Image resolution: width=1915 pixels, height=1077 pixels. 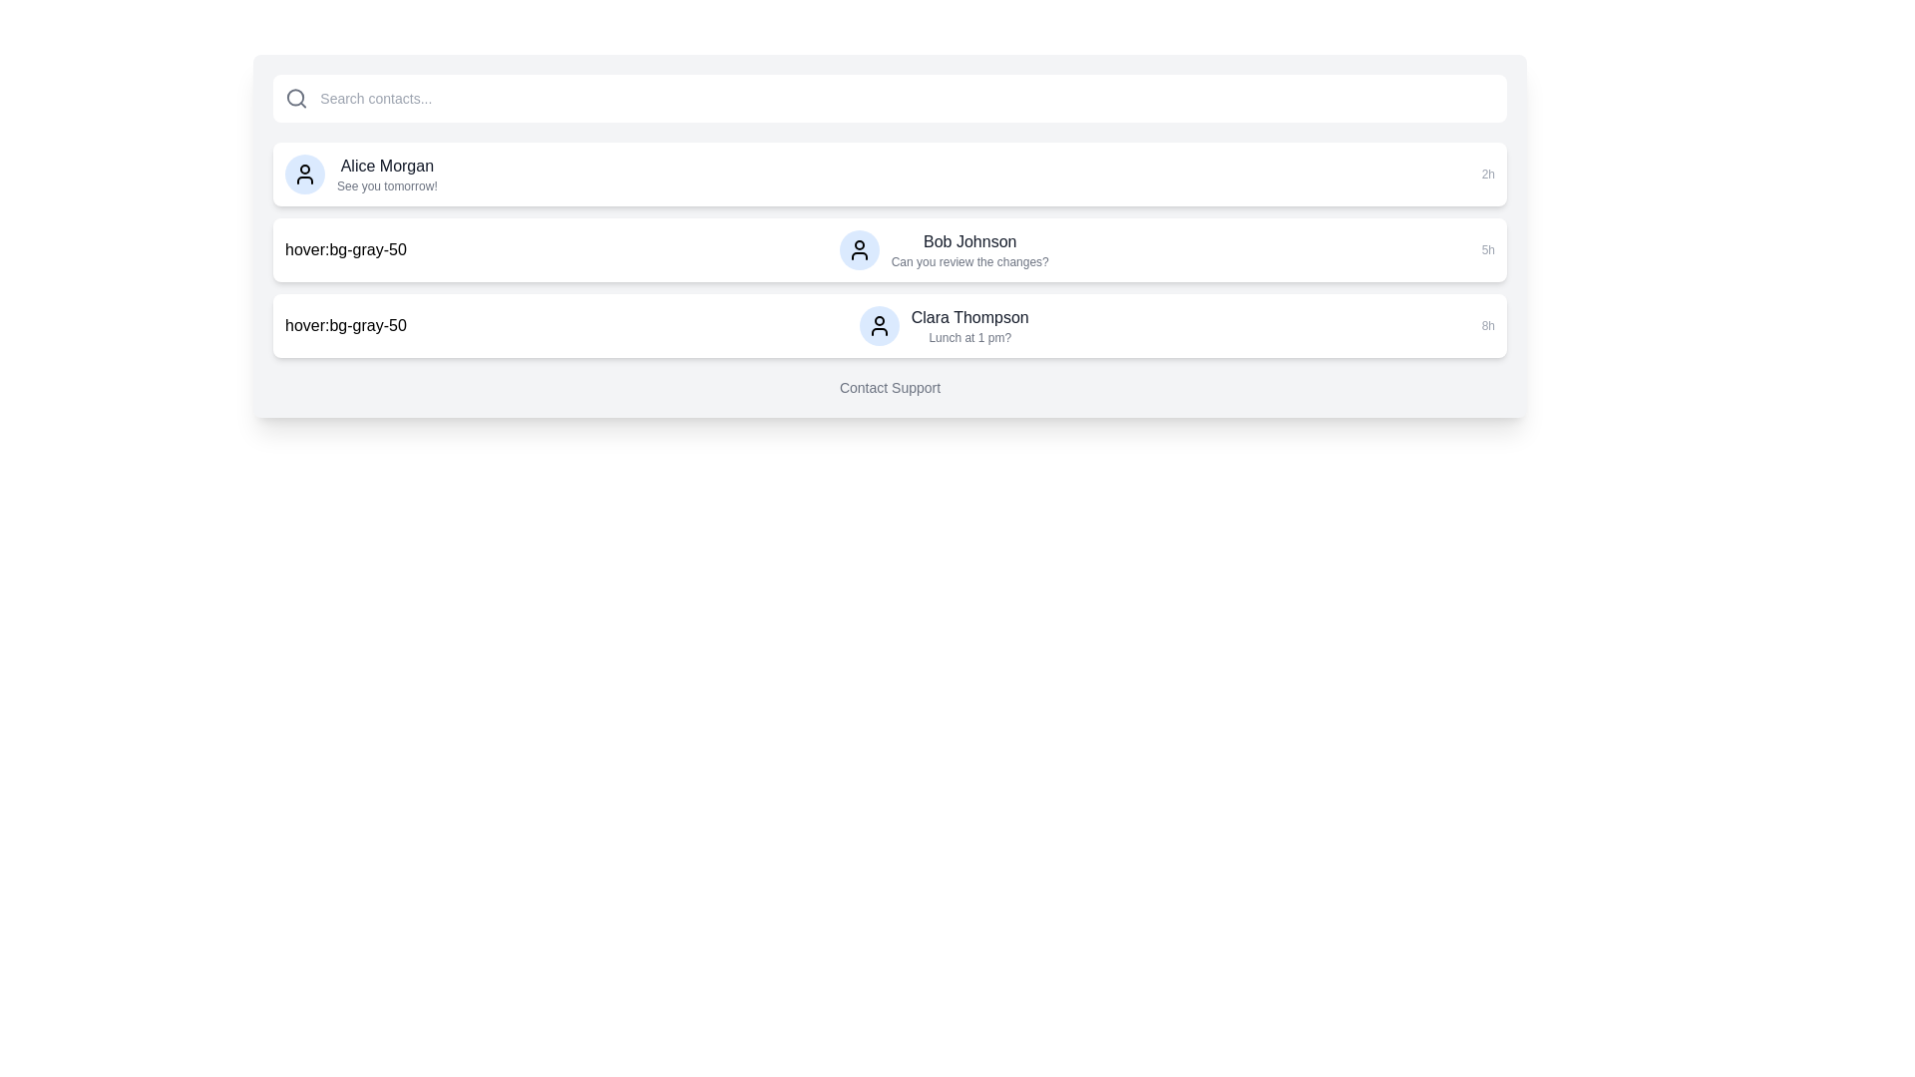 What do you see at coordinates (387, 185) in the screenshot?
I see `text content of the gray-colored text label displaying 'See you tomorrow!', positioned below the larger text 'Alice Morgan'` at bounding box center [387, 185].